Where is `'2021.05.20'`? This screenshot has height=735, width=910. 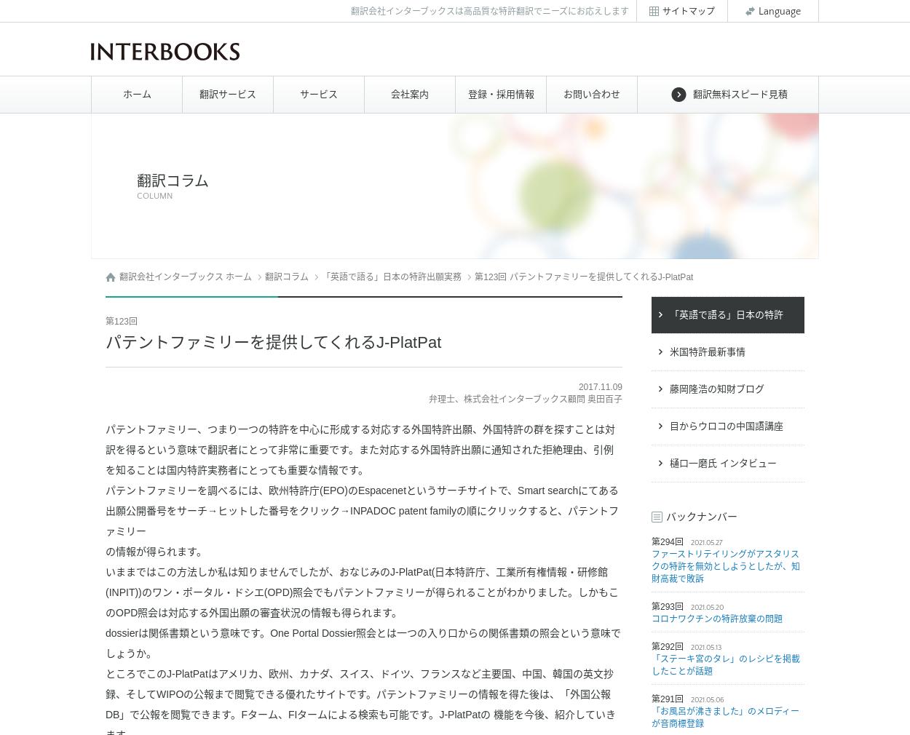
'2021.05.20' is located at coordinates (706, 608).